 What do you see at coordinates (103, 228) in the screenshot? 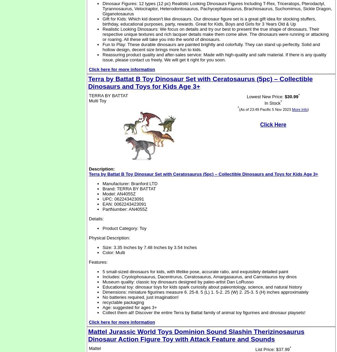
I see `'Product Category: Toy'` at bounding box center [103, 228].